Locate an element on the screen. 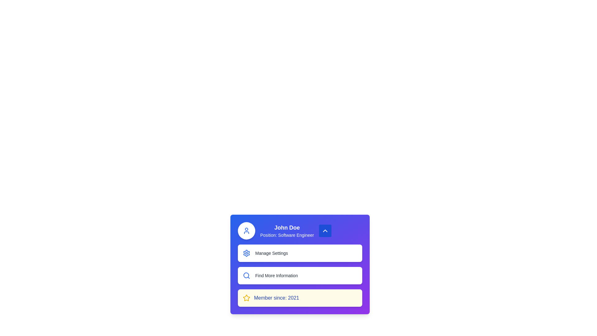 This screenshot has height=336, width=597. the text label stating 'Find More Information', which is rendered in a small-sized, sans-serif font and positioned within the lower-middle region of the interface card is located at coordinates (276, 275).